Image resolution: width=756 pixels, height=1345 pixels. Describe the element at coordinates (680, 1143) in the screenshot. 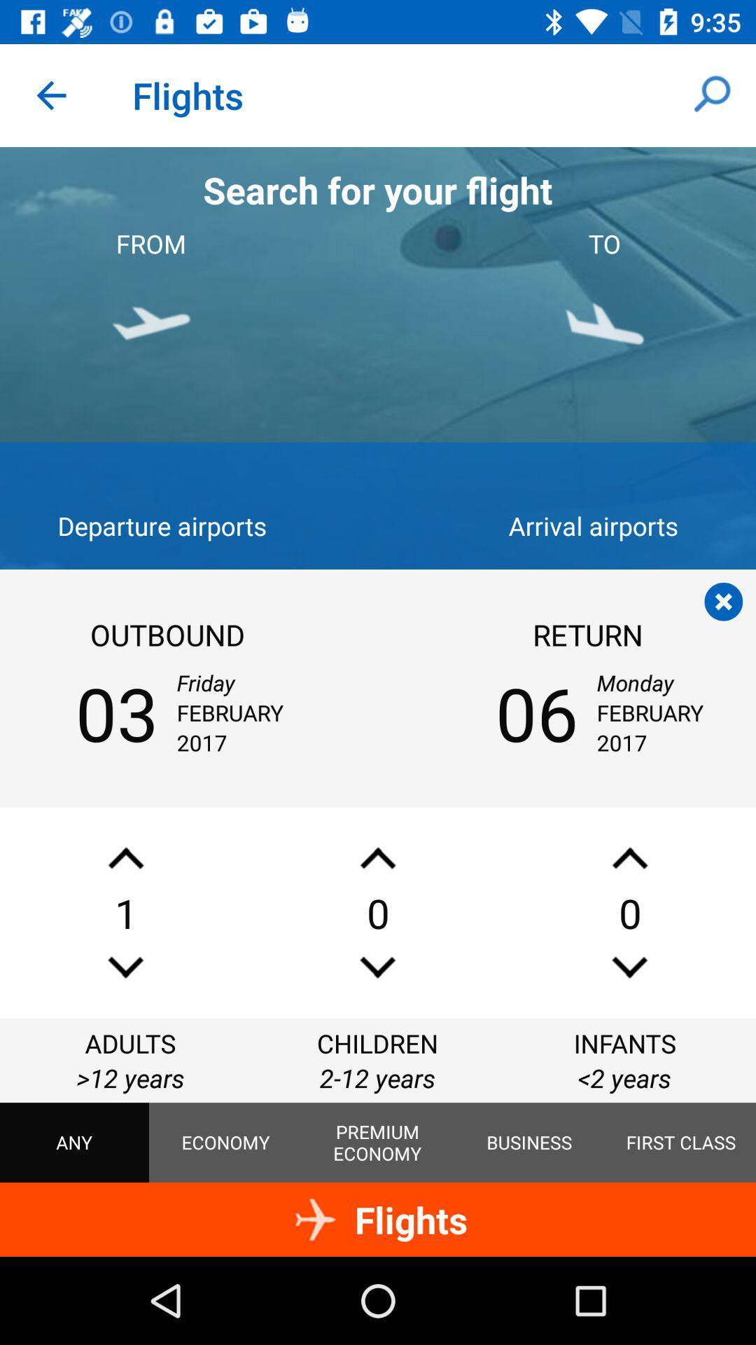

I see `the icon below <2 years` at that location.